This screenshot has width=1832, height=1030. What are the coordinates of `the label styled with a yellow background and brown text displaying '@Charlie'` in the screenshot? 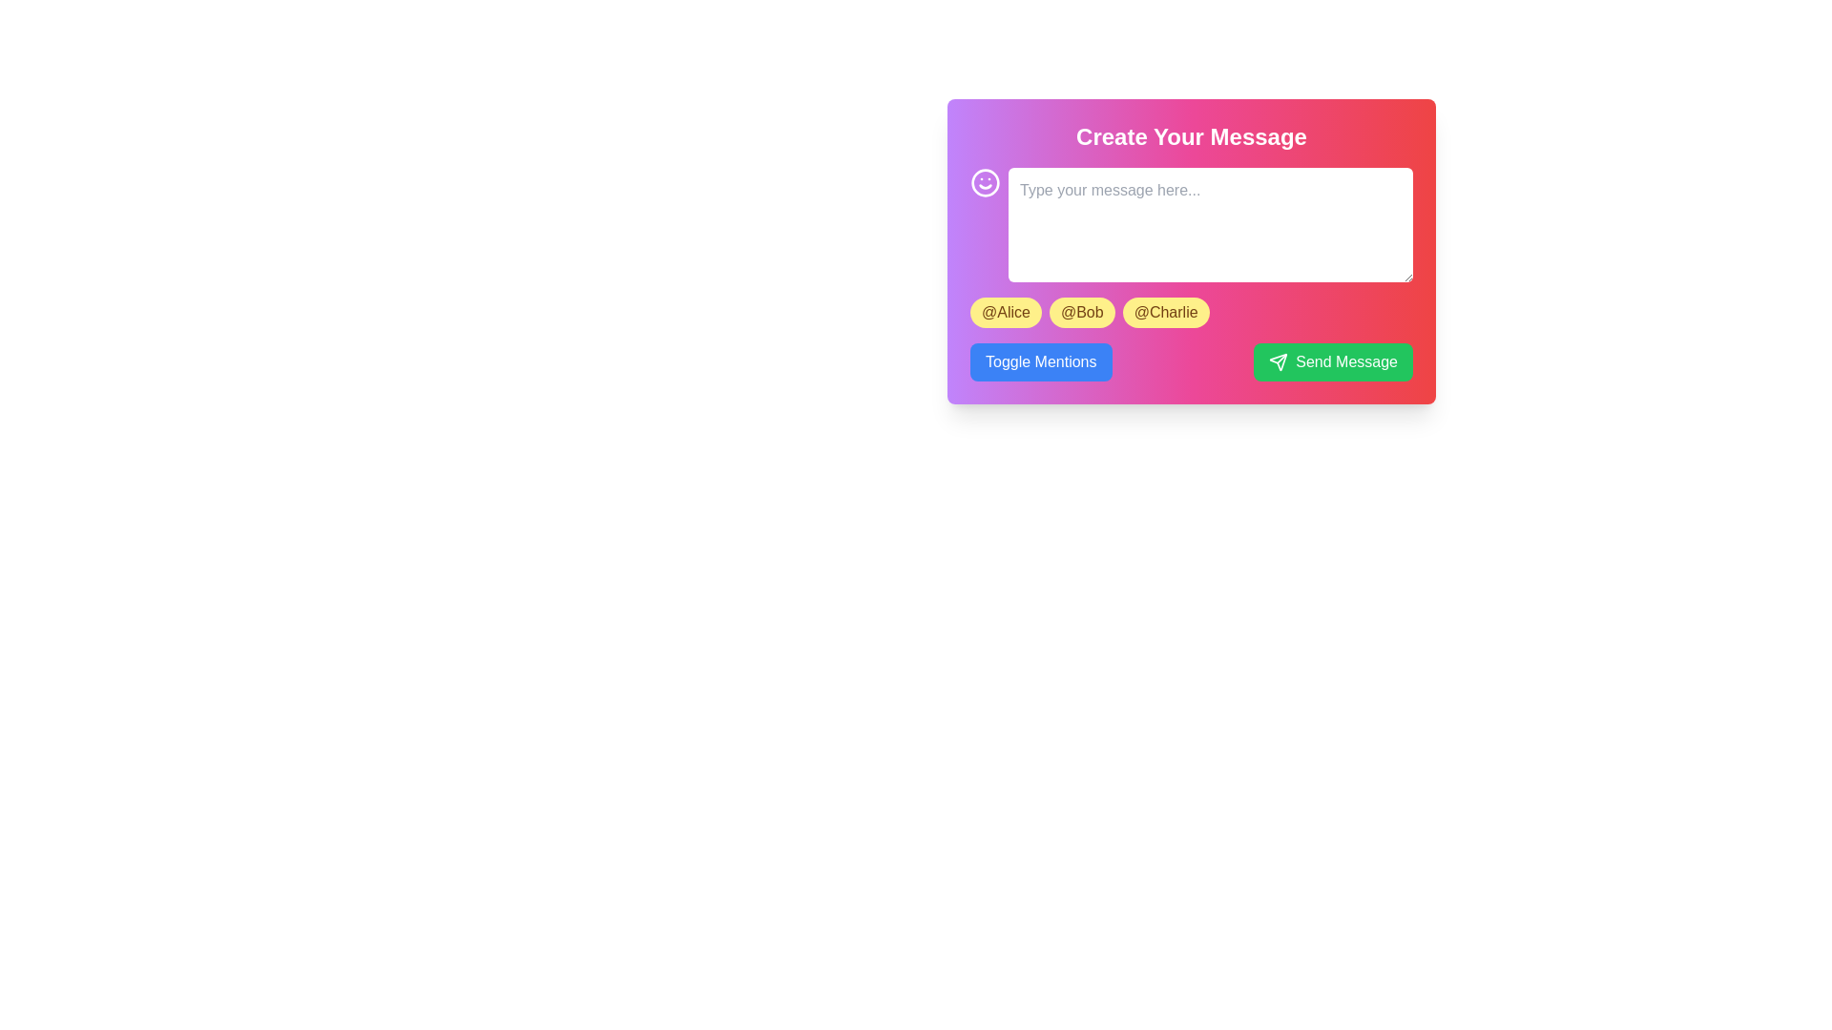 It's located at (1165, 311).